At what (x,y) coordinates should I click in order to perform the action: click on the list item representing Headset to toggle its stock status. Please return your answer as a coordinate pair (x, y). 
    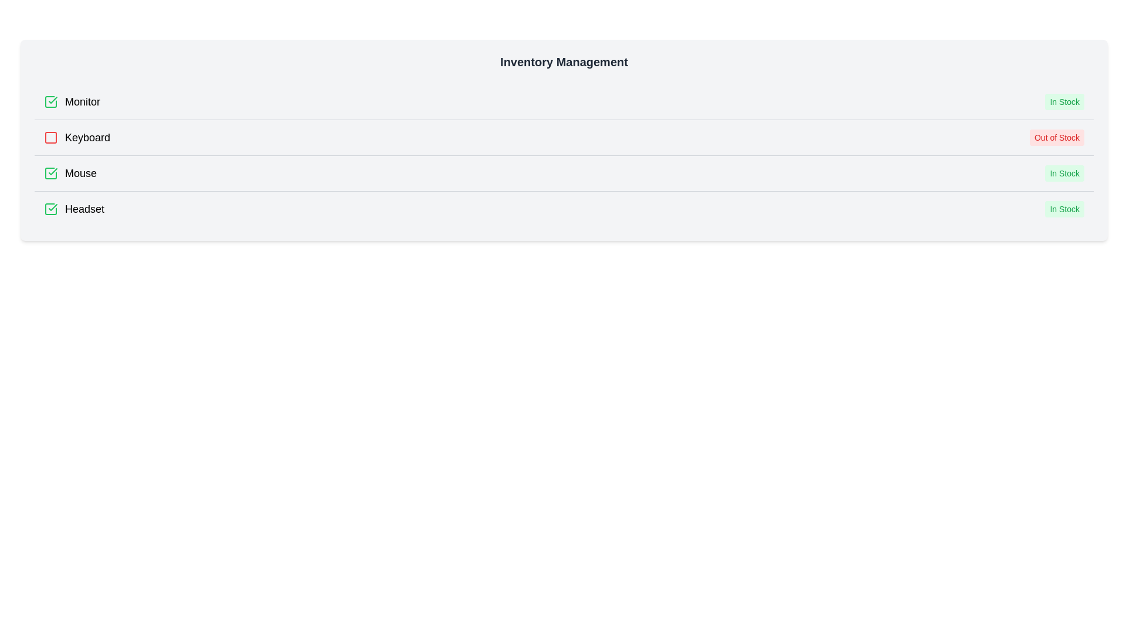
    Looking at the image, I should click on (564, 208).